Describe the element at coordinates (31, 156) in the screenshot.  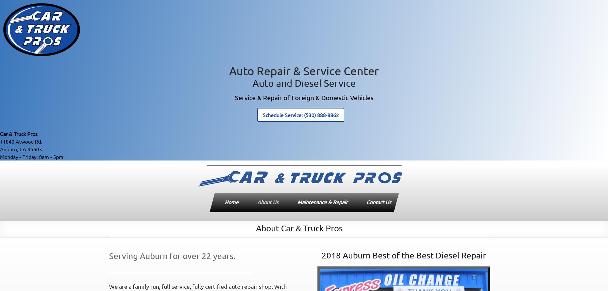
I see `'Monday - Friday: 8am - 5pm'` at that location.